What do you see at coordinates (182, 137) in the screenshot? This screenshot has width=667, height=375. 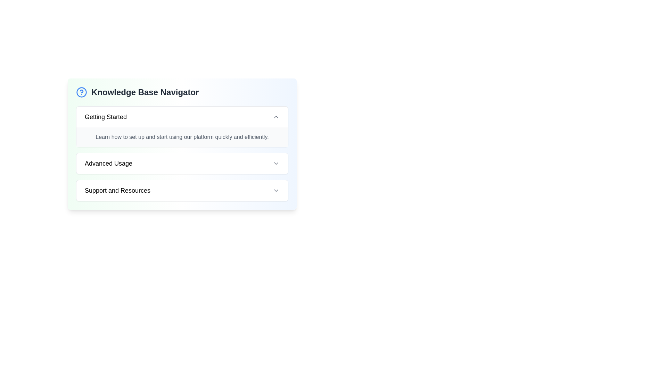 I see `text description that is styled in gray font on a light gray background, located in the lower half of the 'Getting Started' block, which reads: 'Learn how to set up and start using our platform quickly and efficiently.'` at bounding box center [182, 137].